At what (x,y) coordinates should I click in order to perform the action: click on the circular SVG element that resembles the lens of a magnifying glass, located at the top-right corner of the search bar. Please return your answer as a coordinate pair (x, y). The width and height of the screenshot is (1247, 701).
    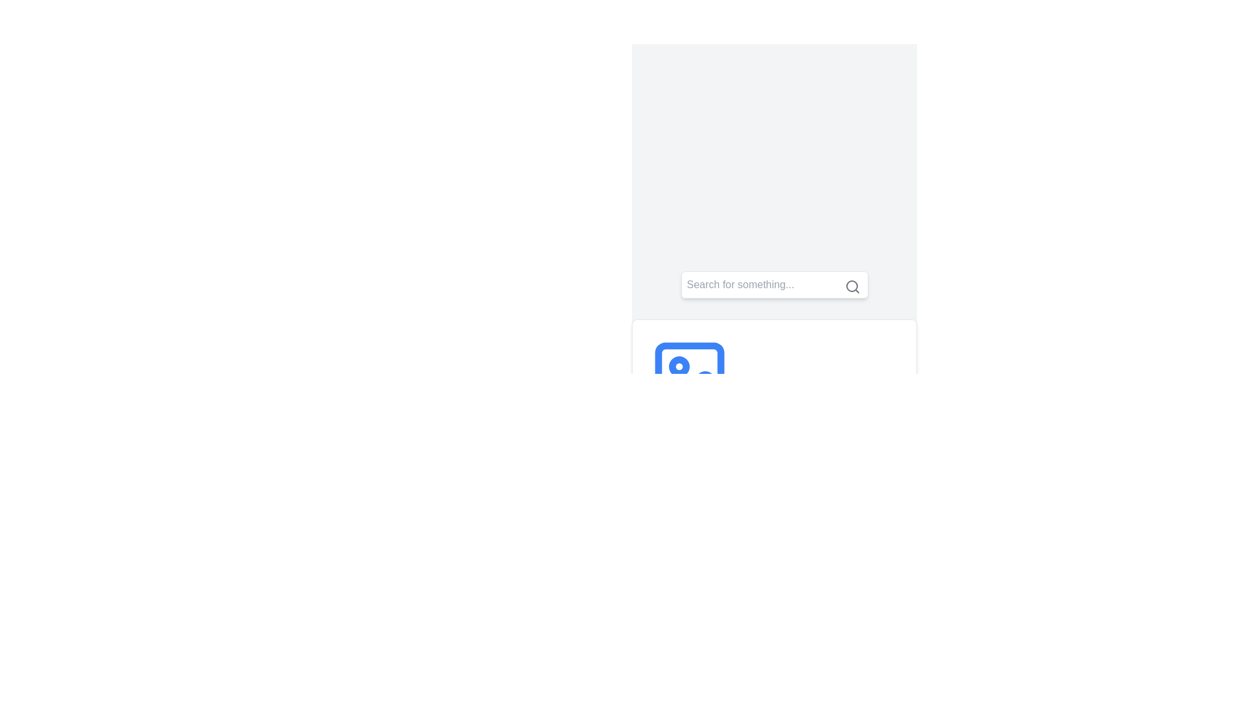
    Looking at the image, I should click on (851, 285).